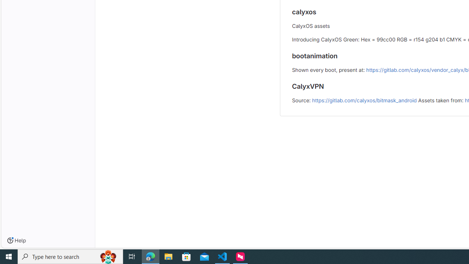  I want to click on 'https://gitlab.com/calyxos/bitmask_android', so click(364, 100).